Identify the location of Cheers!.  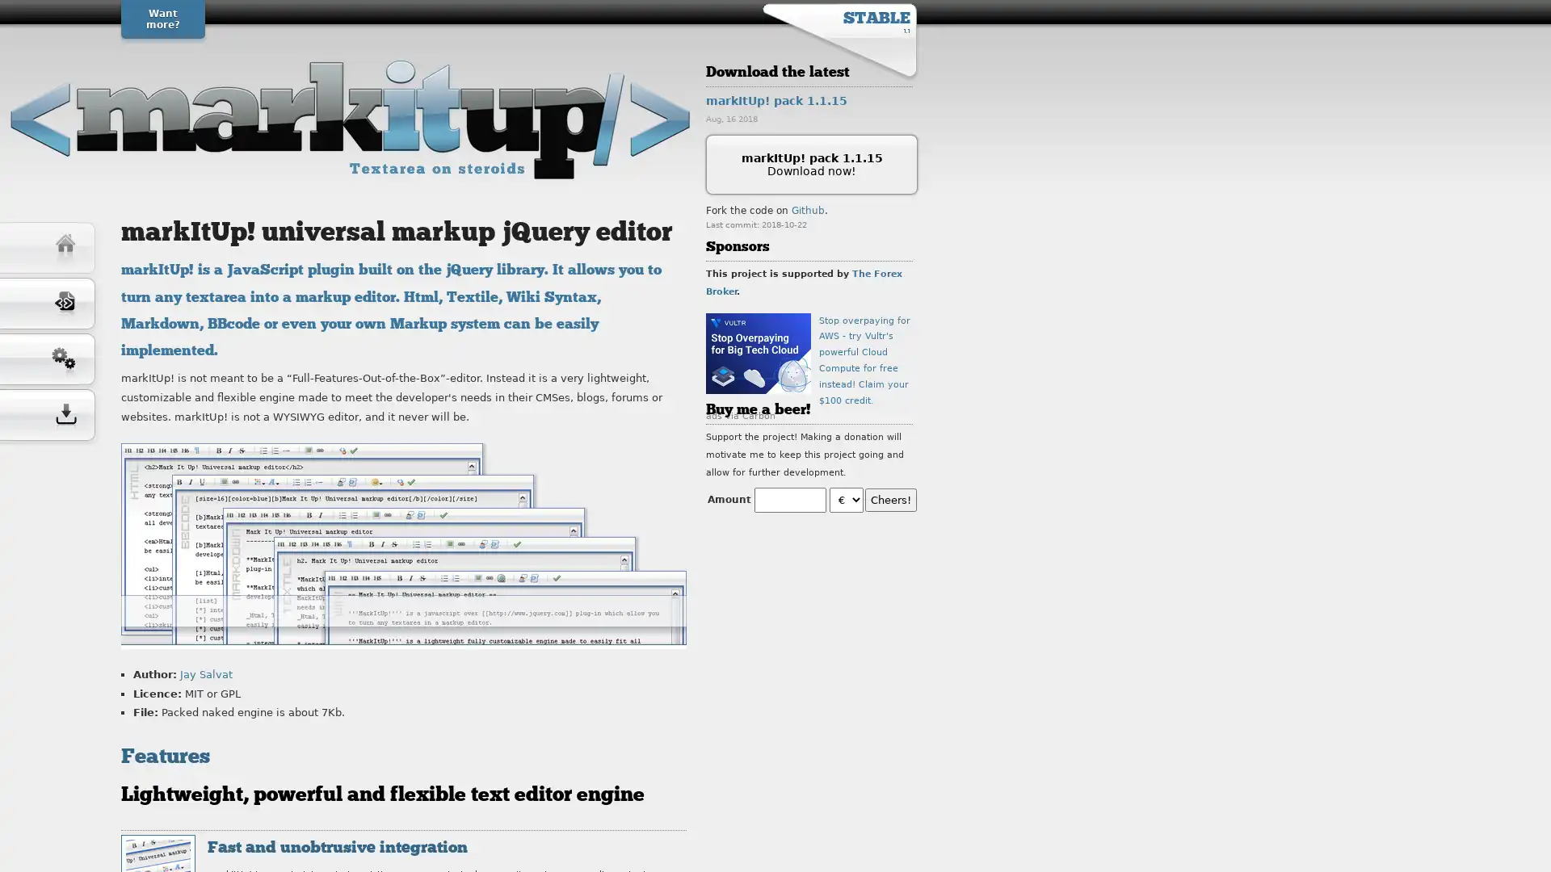
(890, 499).